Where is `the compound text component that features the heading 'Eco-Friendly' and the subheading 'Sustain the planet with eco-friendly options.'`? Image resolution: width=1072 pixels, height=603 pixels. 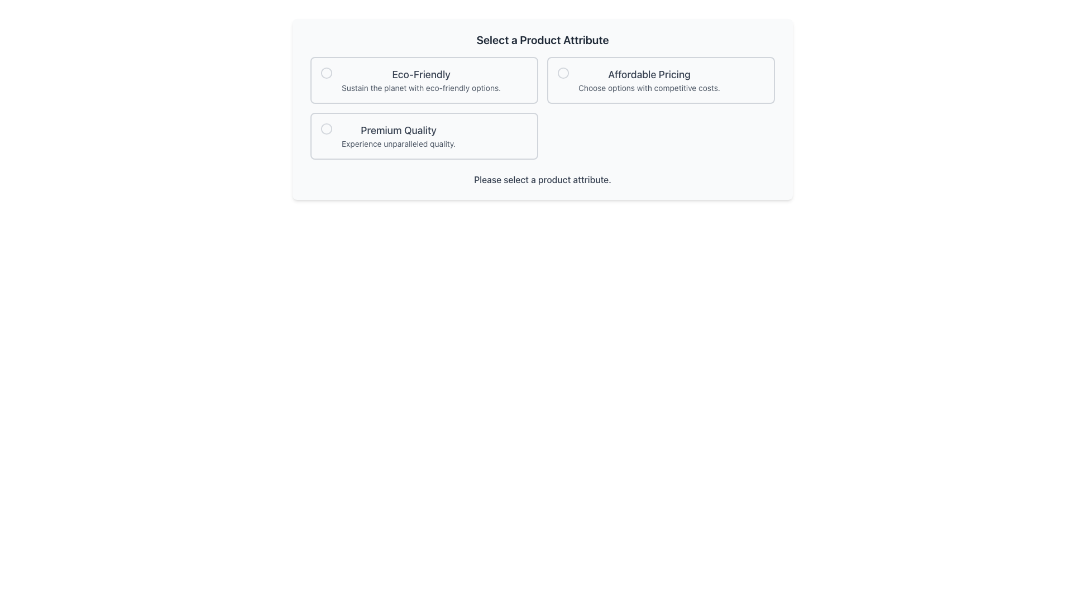
the compound text component that features the heading 'Eco-Friendly' and the subheading 'Sustain the planet with eco-friendly options.' is located at coordinates (420, 79).